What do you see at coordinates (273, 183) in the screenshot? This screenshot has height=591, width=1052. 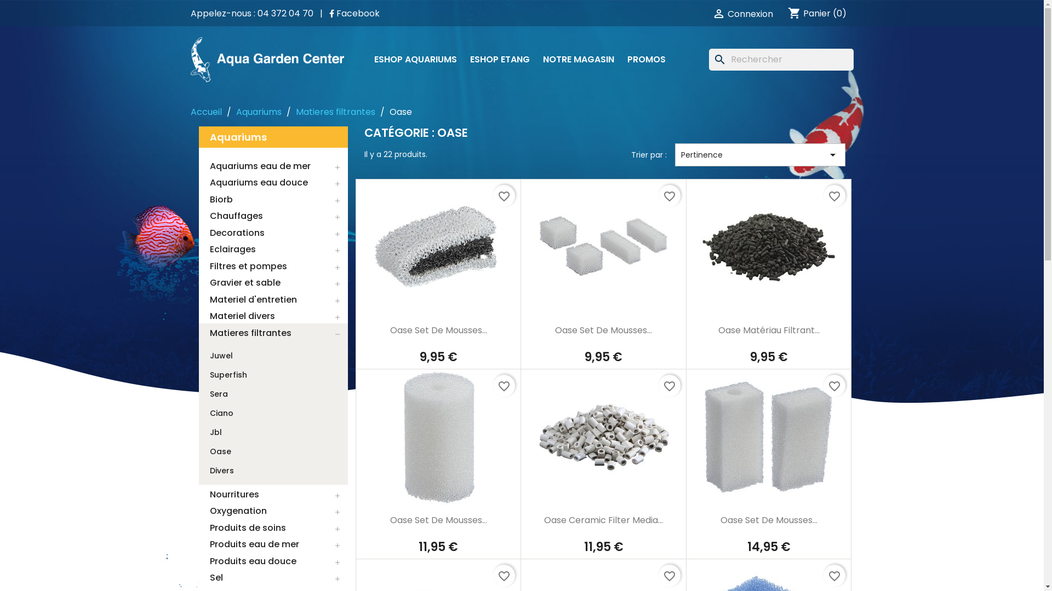 I see `'Aquariums eau douce'` at bounding box center [273, 183].